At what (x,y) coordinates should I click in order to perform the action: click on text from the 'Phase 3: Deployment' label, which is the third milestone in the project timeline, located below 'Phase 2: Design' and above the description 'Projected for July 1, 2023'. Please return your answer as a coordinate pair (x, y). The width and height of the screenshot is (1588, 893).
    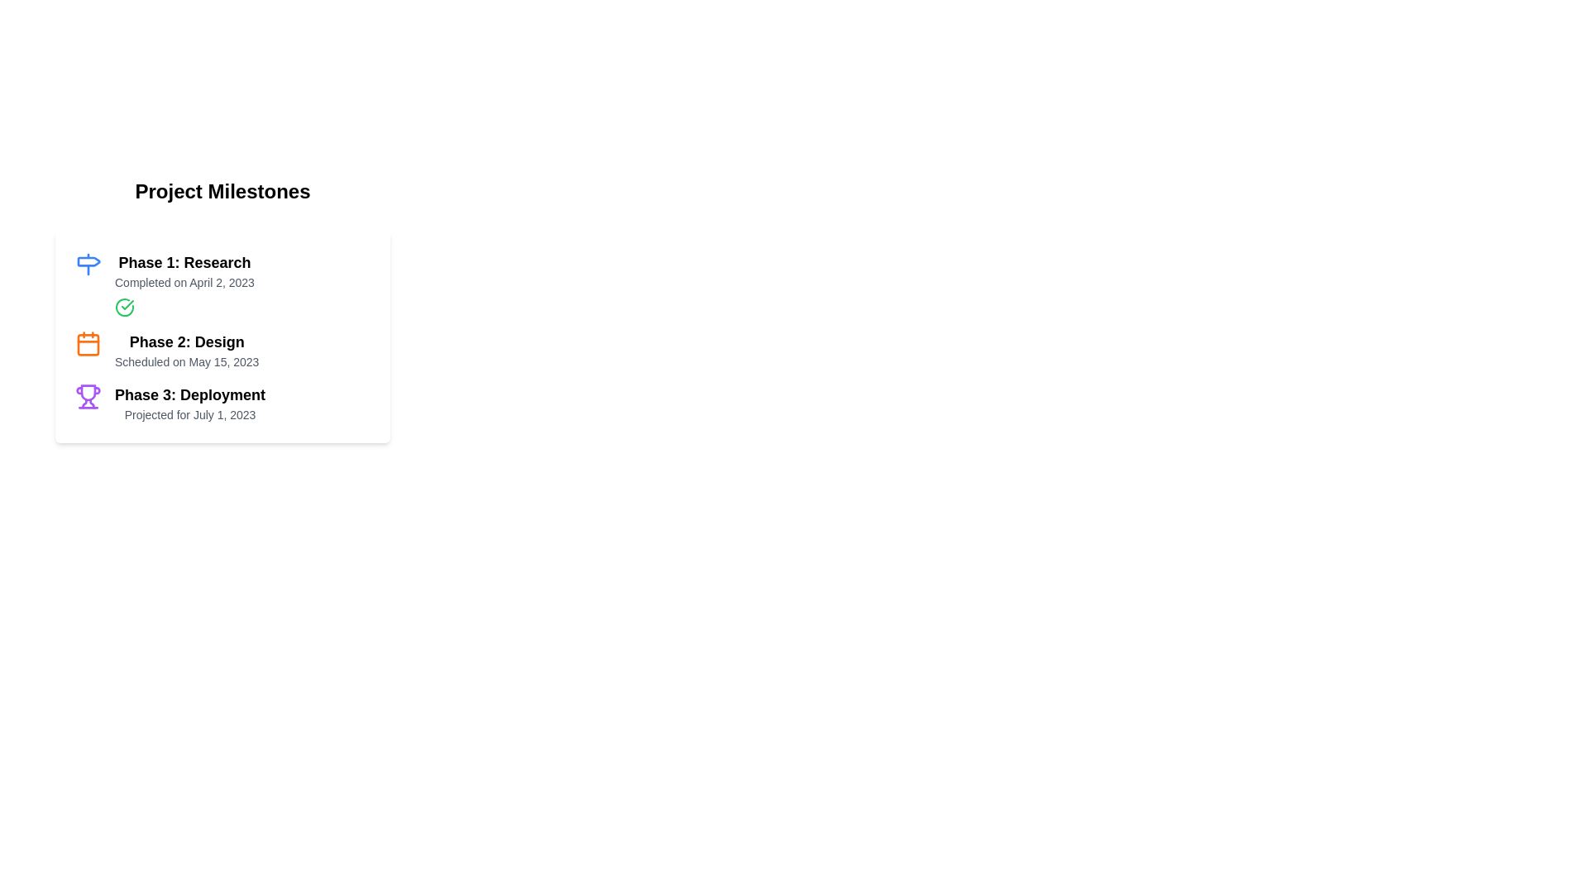
    Looking at the image, I should click on (190, 395).